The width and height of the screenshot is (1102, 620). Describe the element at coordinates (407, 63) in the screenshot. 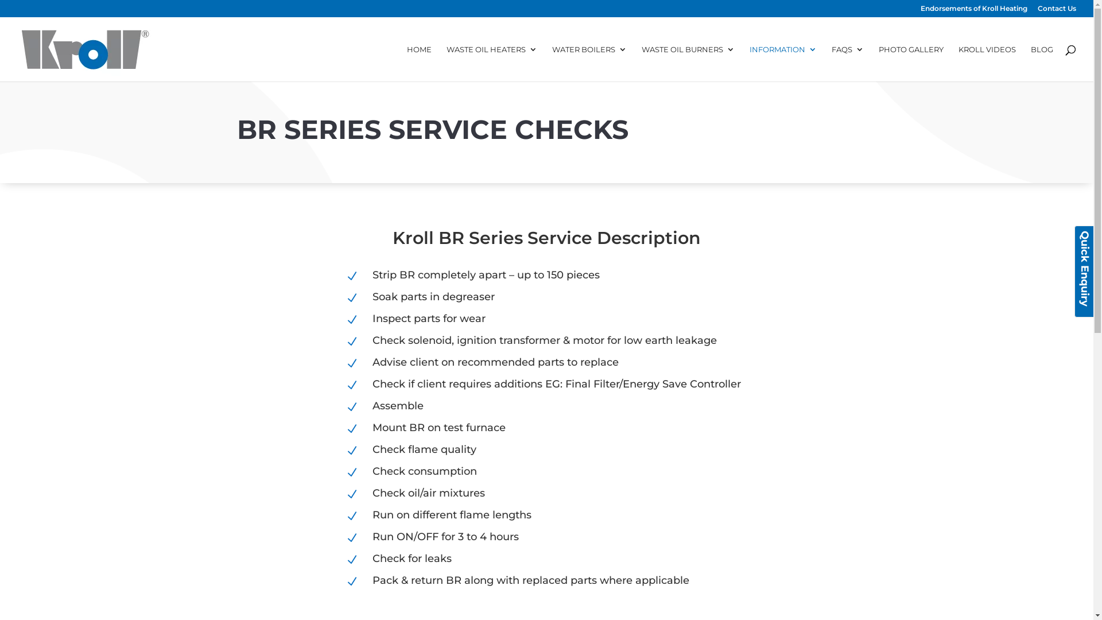

I see `'HOME'` at that location.